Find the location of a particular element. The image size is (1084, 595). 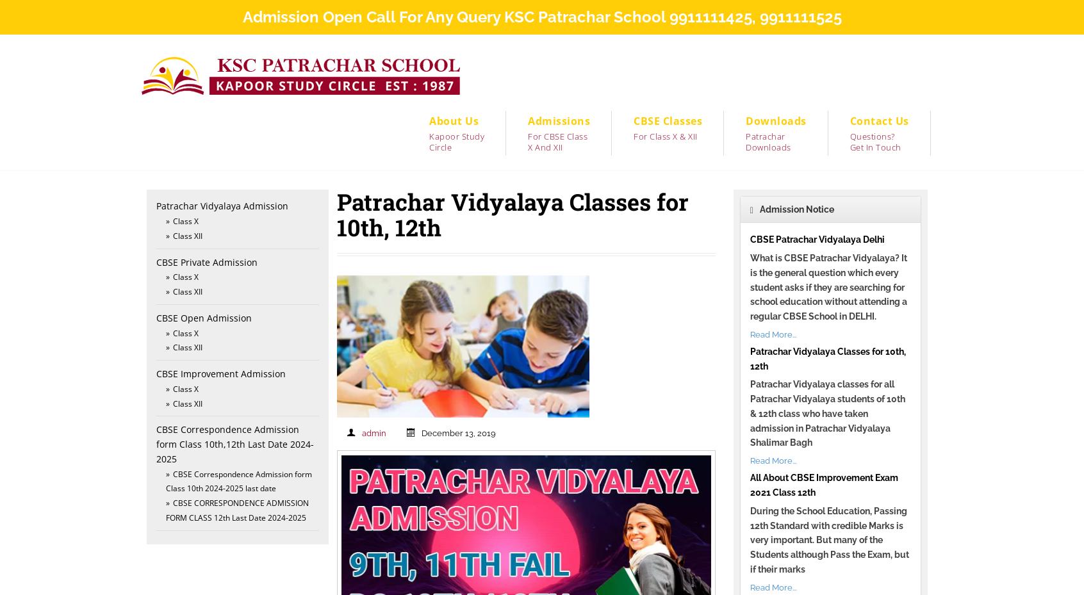

'CBSE Correspondence Admission form Class 10th 2024-2025 last date' is located at coordinates (238, 480).